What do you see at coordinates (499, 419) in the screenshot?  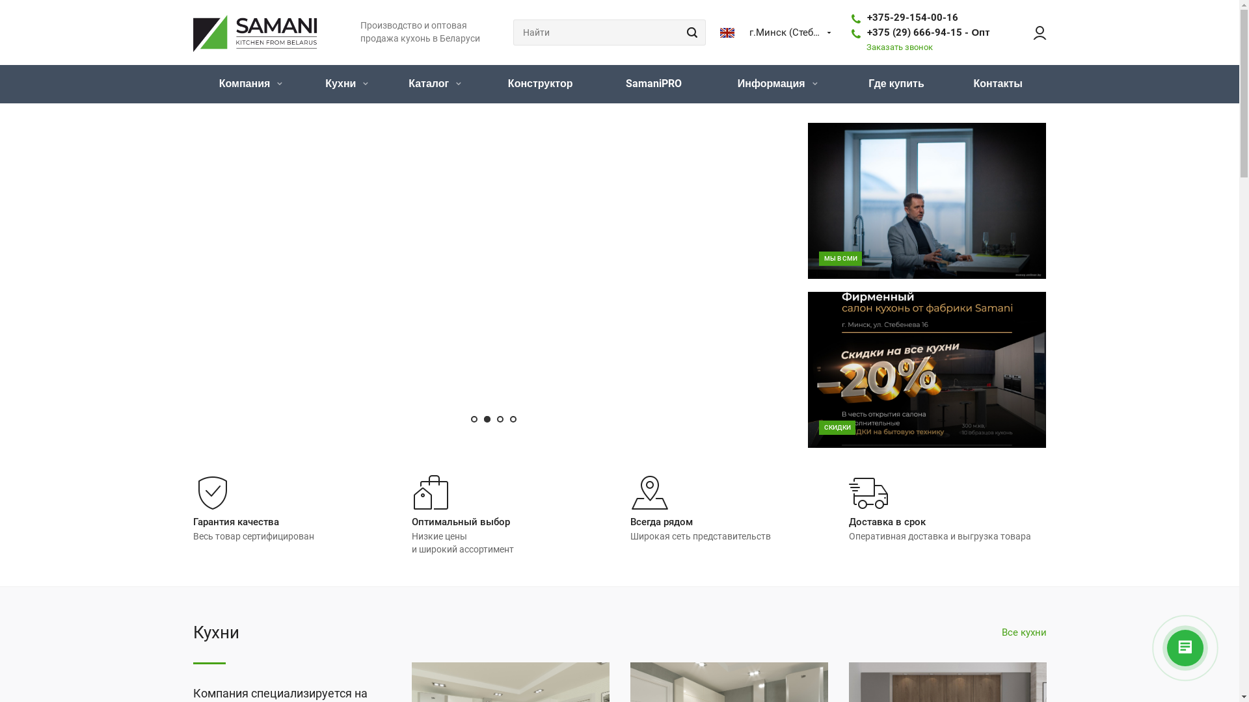 I see `'3'` at bounding box center [499, 419].